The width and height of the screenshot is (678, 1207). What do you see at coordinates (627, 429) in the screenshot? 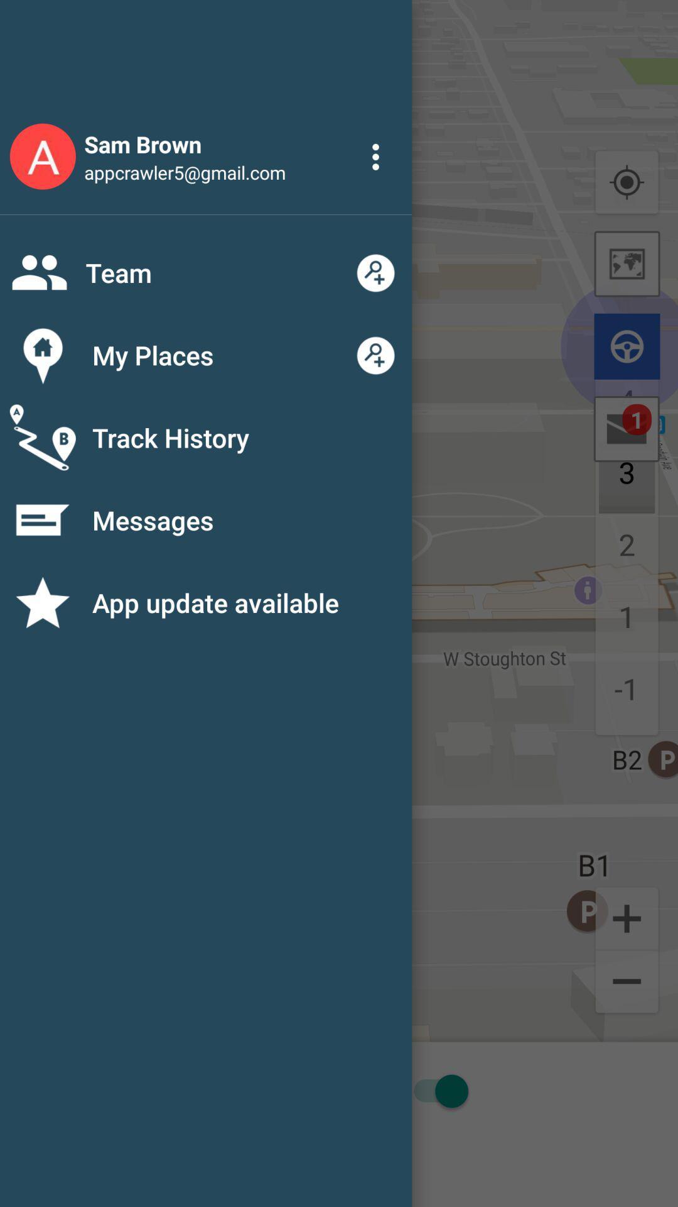
I see `the email icon` at bounding box center [627, 429].